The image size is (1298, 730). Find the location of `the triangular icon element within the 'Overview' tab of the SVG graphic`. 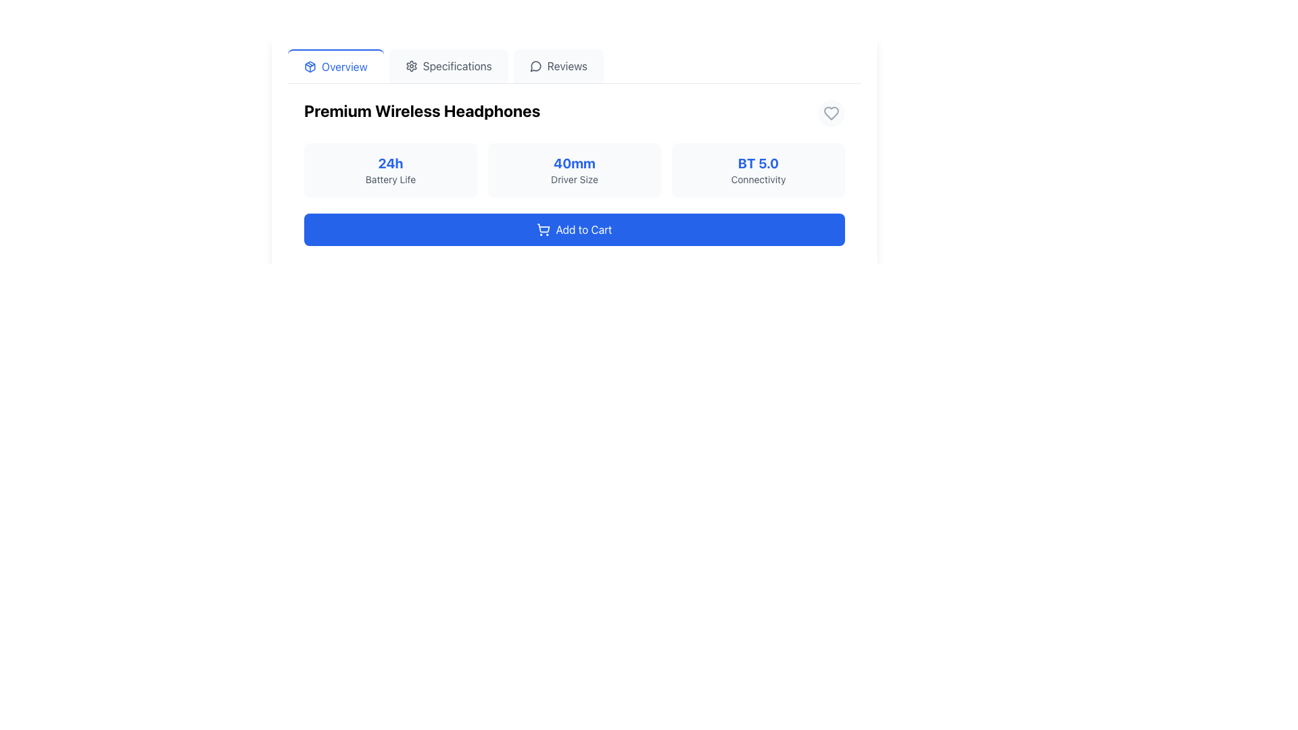

the triangular icon element within the 'Overview' tab of the SVG graphic is located at coordinates (310, 67).